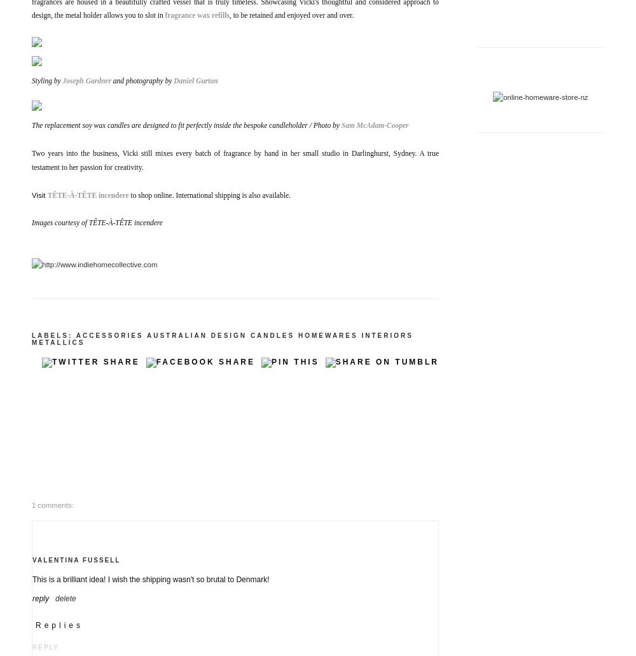 This screenshot has height=656, width=636. What do you see at coordinates (65, 597) in the screenshot?
I see `'Delete'` at bounding box center [65, 597].